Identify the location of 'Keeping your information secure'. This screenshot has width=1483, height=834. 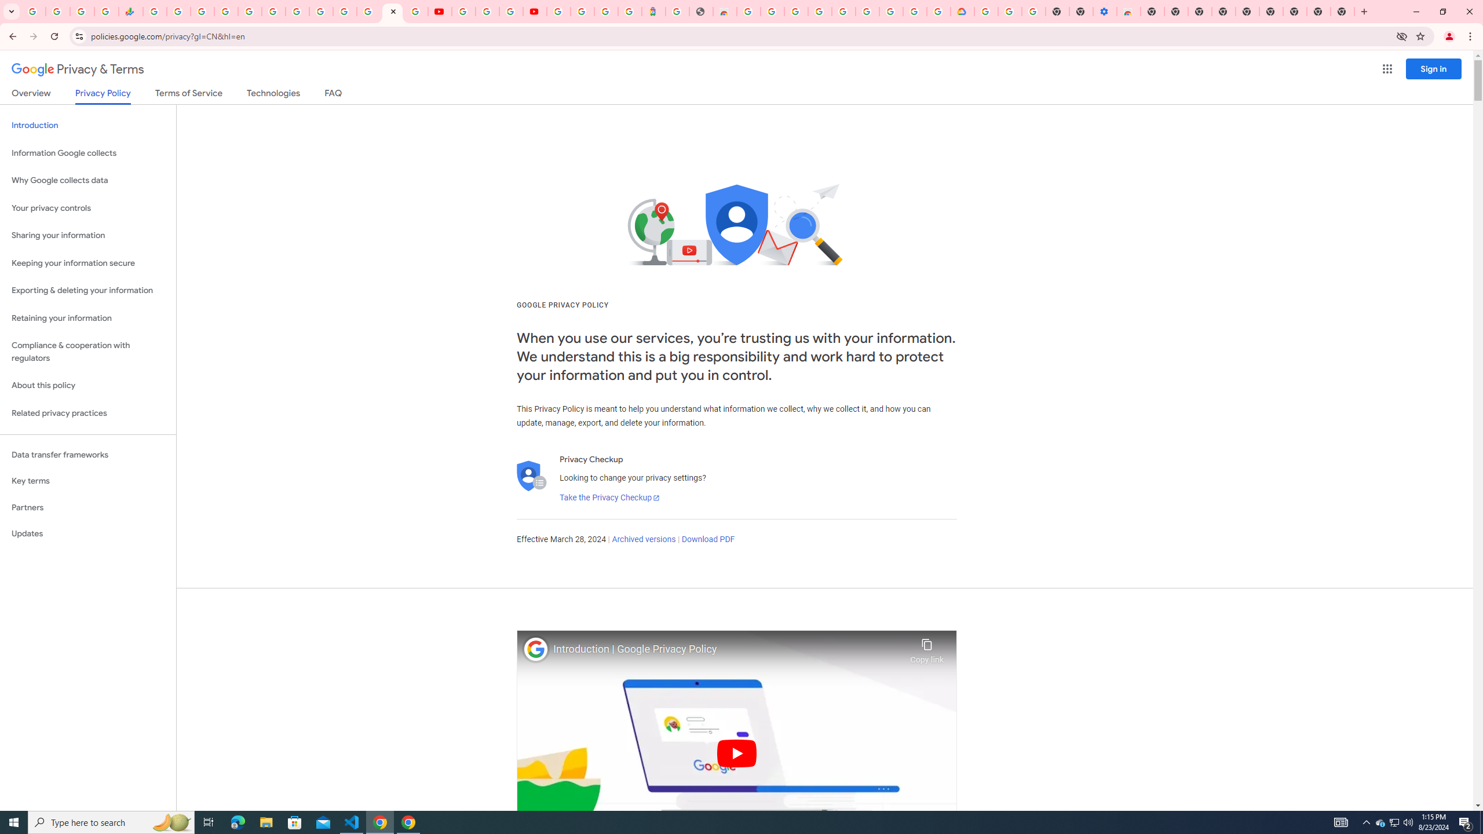
(87, 264).